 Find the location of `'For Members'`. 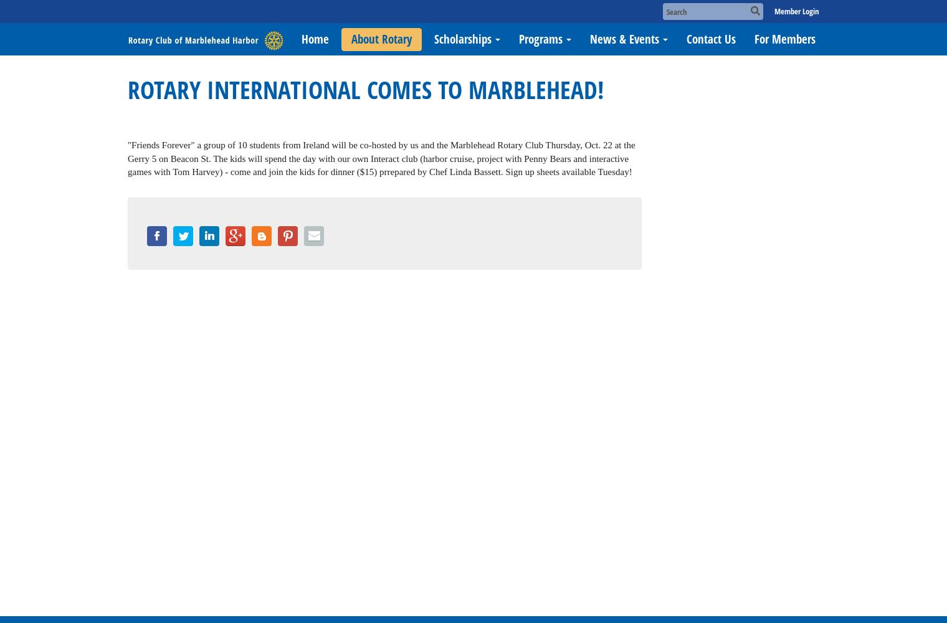

'For Members' is located at coordinates (784, 39).